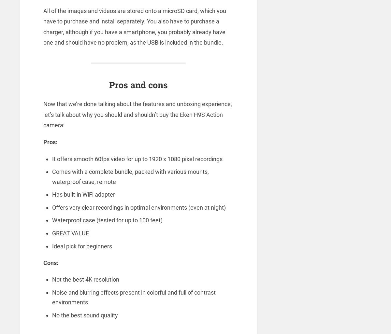 Image resolution: width=391 pixels, height=334 pixels. I want to click on 'All of the images and videos are stored onto a microSD card, which you have to purchase and install separately. You also have to purchase a charger, although if you have a smartphone, you probably already have one and should have no problem, as the USB is included in the bundle.', so click(134, 26).